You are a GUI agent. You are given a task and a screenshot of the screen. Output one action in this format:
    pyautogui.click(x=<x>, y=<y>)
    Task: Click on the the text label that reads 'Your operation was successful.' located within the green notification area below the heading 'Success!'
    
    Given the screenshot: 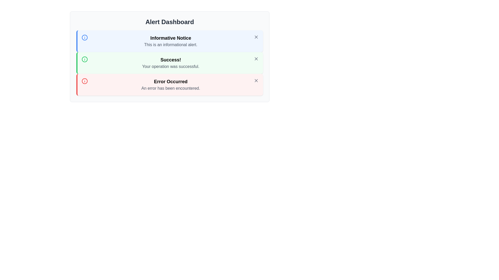 What is the action you would take?
    pyautogui.click(x=171, y=66)
    